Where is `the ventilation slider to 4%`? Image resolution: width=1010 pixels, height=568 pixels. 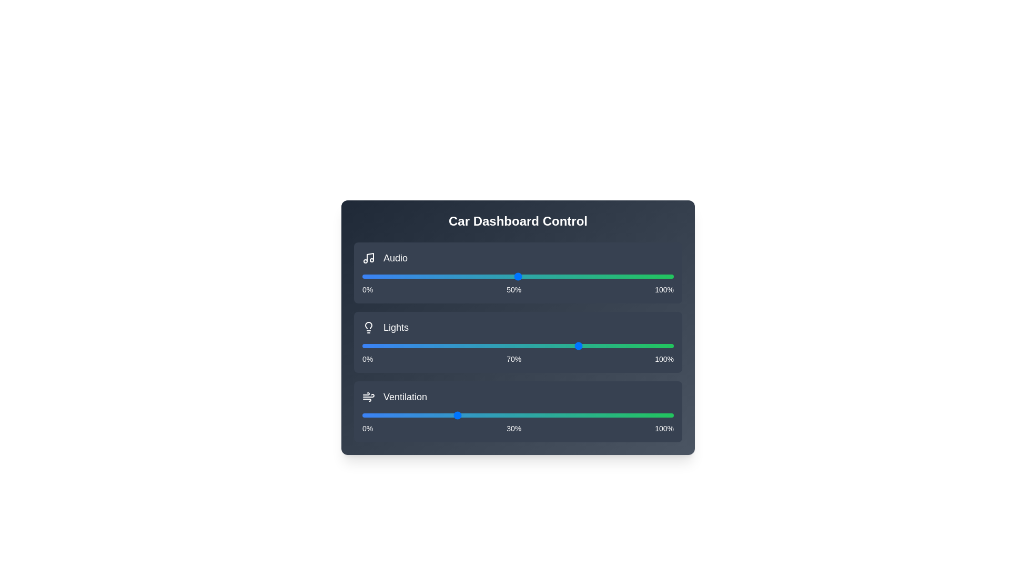
the ventilation slider to 4% is located at coordinates (375, 415).